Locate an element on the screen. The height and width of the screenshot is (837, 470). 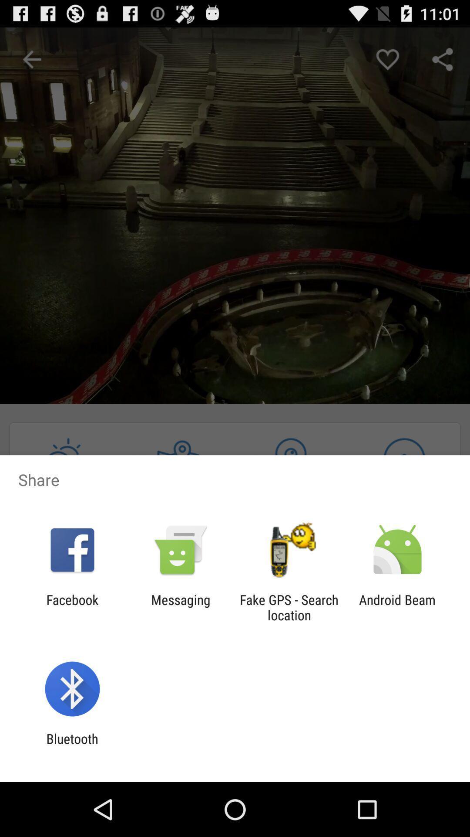
app at the bottom right corner is located at coordinates (397, 607).